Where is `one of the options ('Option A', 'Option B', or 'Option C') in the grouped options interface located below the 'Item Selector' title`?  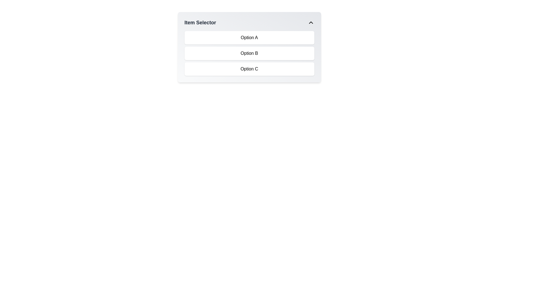 one of the options ('Option A', 'Option B', or 'Option C') in the grouped options interface located below the 'Item Selector' title is located at coordinates (249, 53).